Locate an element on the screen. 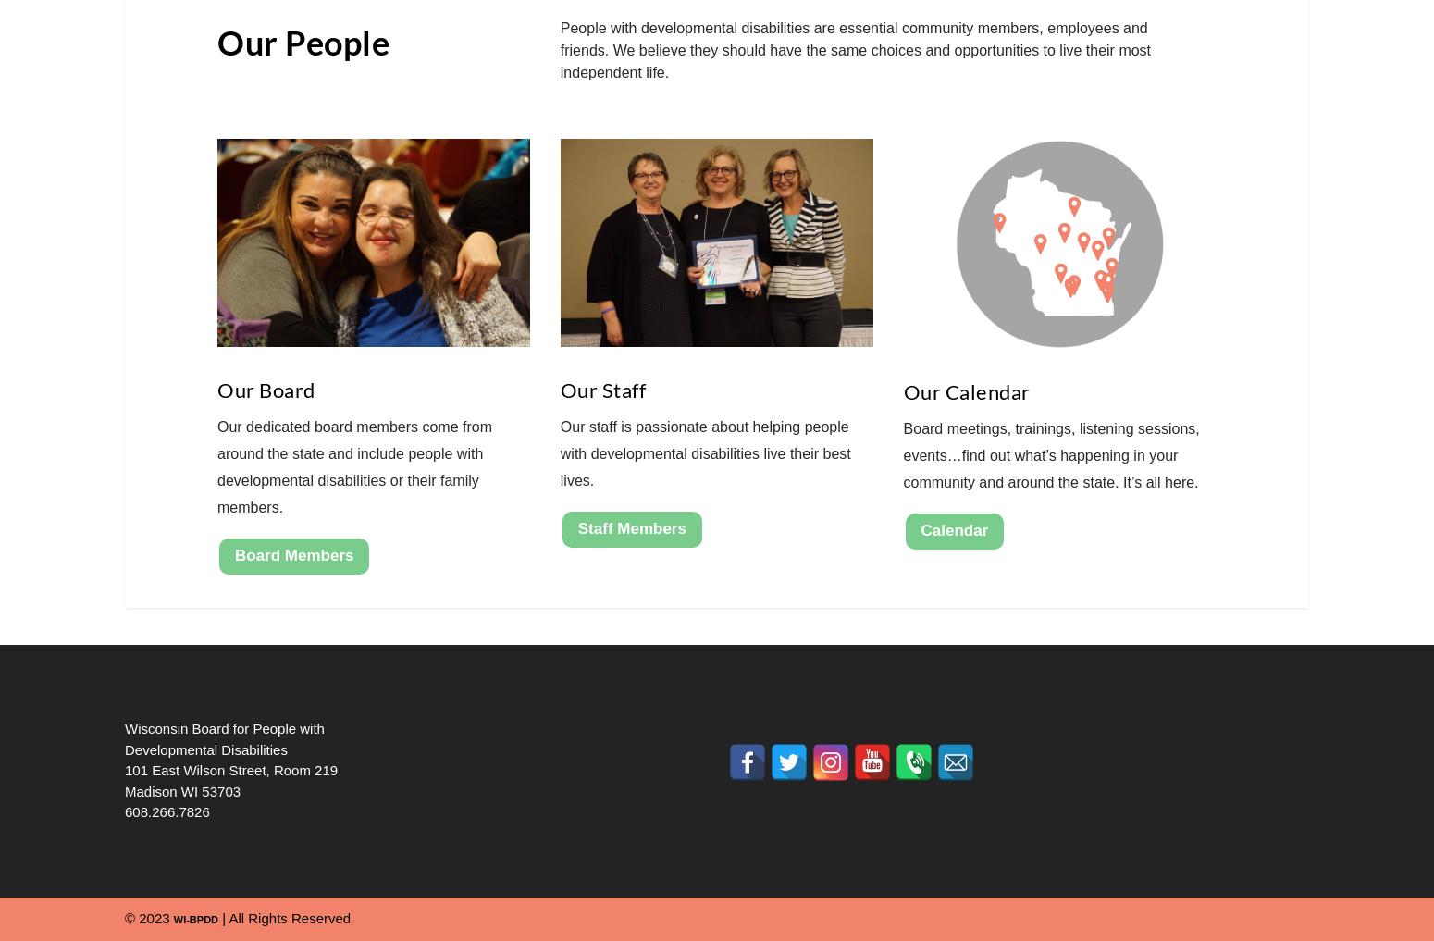 The image size is (1434, 941). 'Our Board' is located at coordinates (266, 390).